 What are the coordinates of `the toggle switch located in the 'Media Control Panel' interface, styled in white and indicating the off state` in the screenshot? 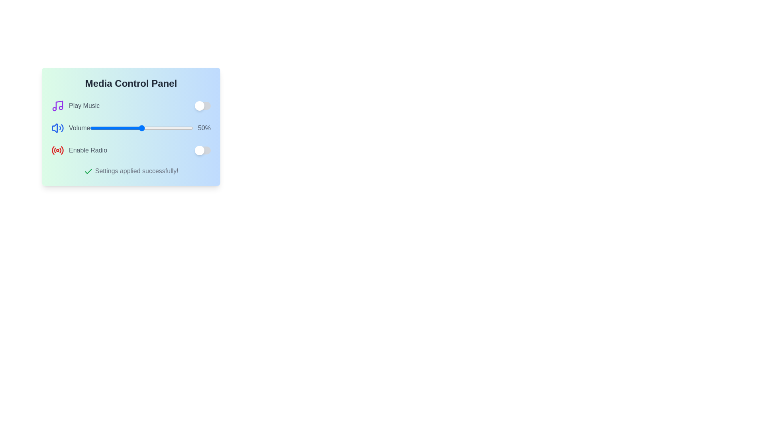 It's located at (202, 106).